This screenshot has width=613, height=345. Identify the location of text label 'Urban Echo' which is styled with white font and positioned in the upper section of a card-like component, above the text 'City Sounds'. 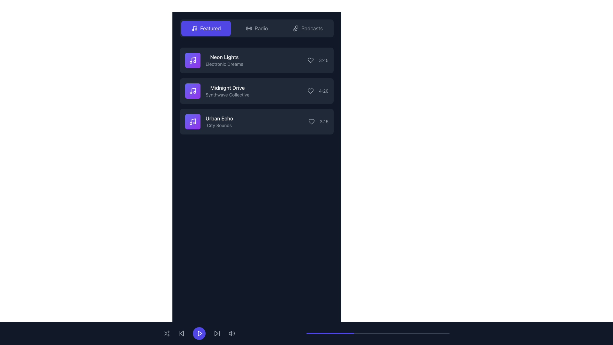
(219, 118).